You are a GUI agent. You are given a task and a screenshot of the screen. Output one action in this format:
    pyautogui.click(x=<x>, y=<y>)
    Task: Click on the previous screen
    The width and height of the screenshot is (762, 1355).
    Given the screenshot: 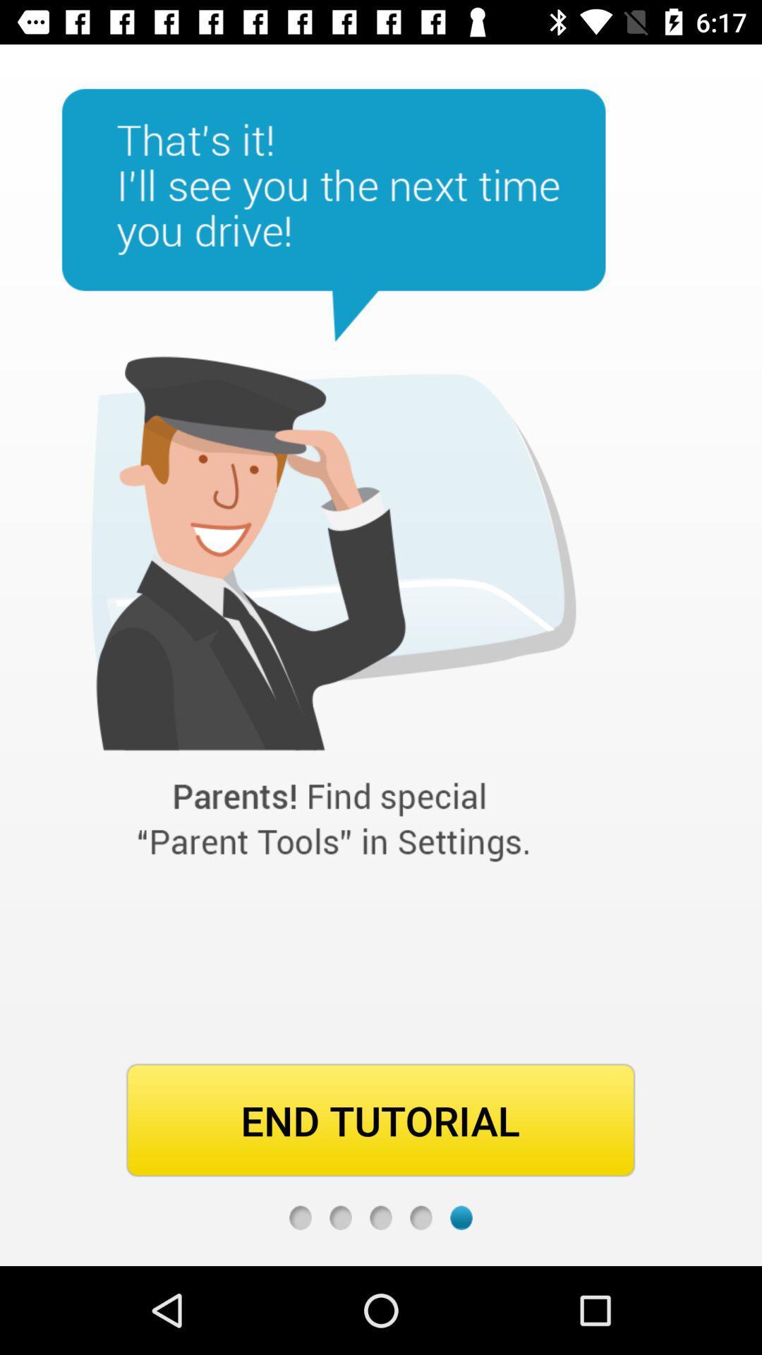 What is the action you would take?
    pyautogui.click(x=381, y=1217)
    